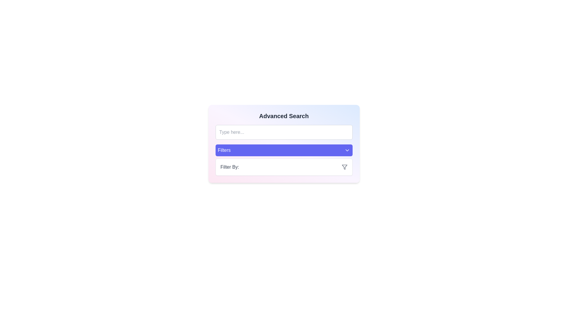 Image resolution: width=567 pixels, height=319 pixels. I want to click on the downward-pointing chevron icon located on the far-right side of the 'Filters' button, so click(347, 150).